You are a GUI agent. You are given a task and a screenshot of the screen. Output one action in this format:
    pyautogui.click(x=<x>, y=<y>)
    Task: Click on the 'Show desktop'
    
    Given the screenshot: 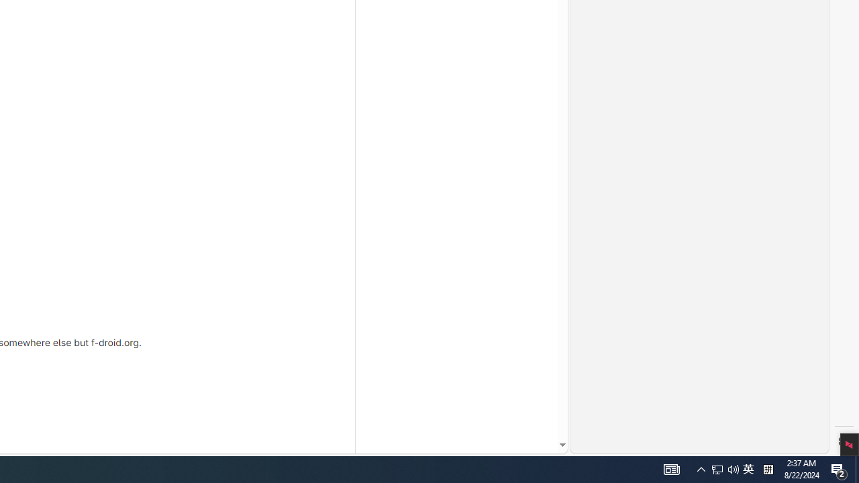 What is the action you would take?
    pyautogui.click(x=856, y=468)
    